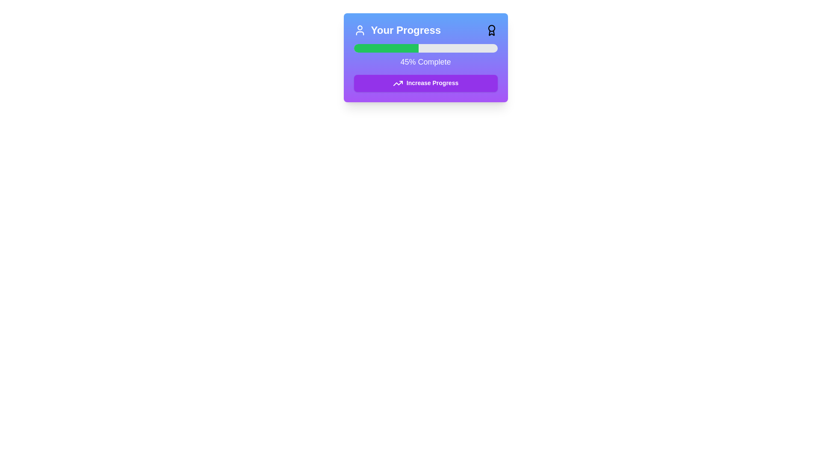  Describe the element at coordinates (360, 33) in the screenshot. I see `semicircular arc element within the user profile icon located in the top-left corner of the 'Your Progress' widget using developer tools` at that location.